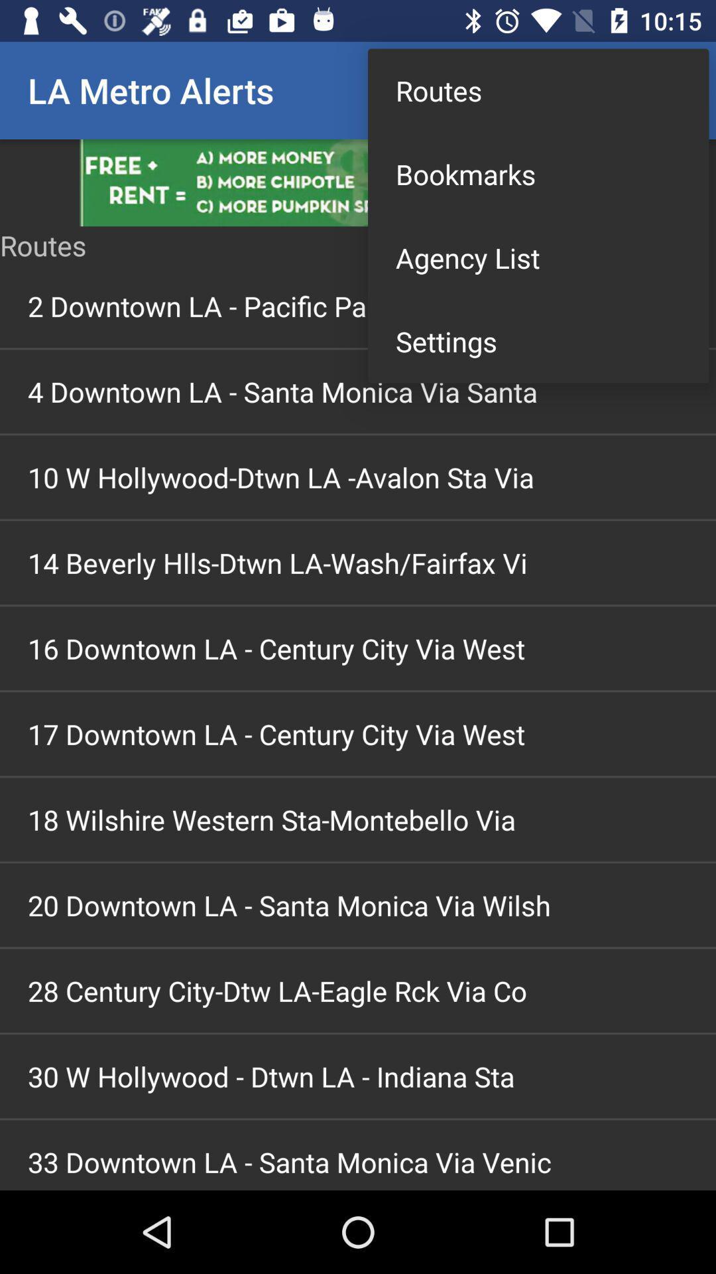 The image size is (716, 1274). Describe the element at coordinates (358, 182) in the screenshot. I see `open this advertisement` at that location.